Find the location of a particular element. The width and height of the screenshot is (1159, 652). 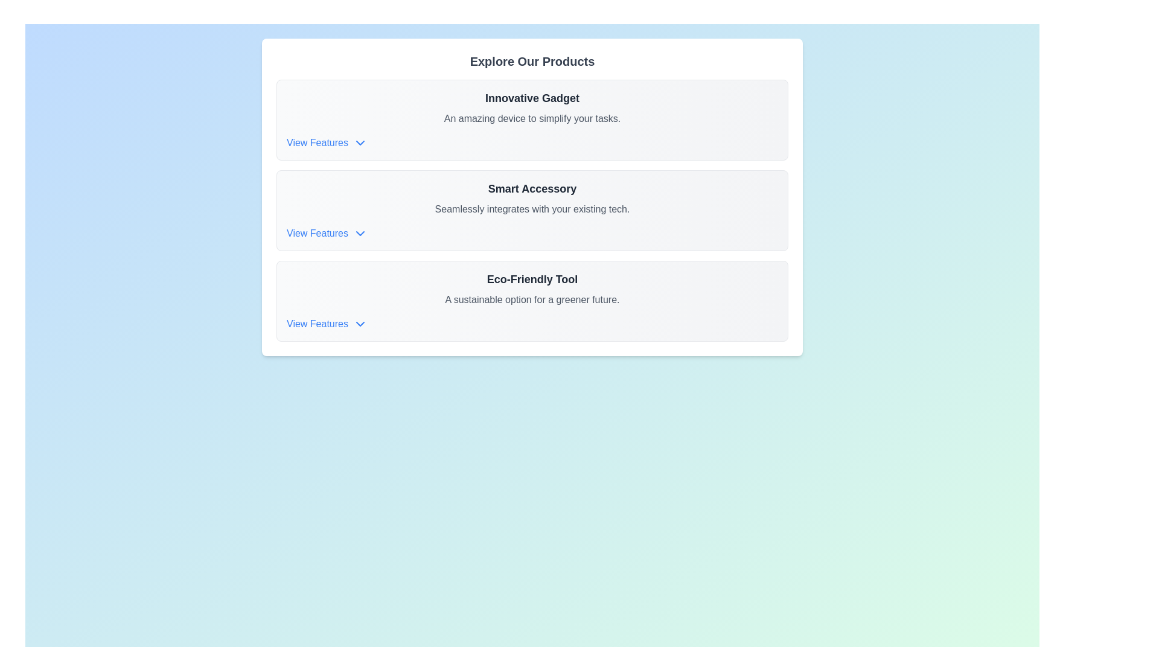

the presentation card titled 'Smart Accessory' is located at coordinates (532, 197).